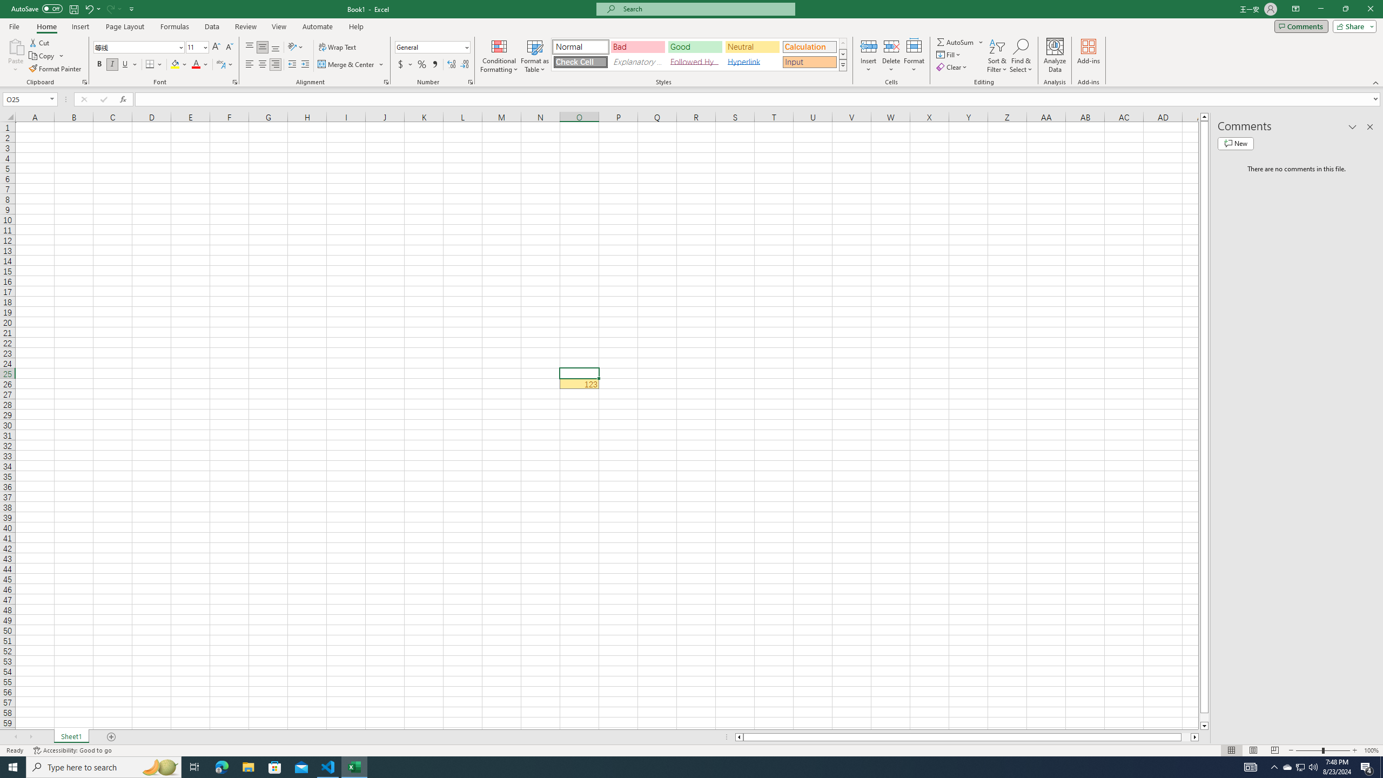 This screenshot has height=778, width=1383. Describe the element at coordinates (385, 81) in the screenshot. I see `'Format Cell Alignment'` at that location.